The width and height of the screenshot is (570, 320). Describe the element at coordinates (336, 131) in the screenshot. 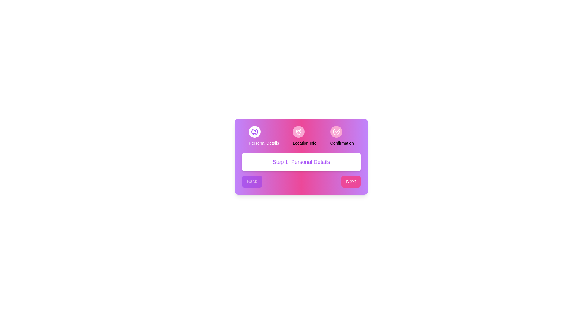

I see `the step indicator corresponding to Confirmation to view its information` at that location.